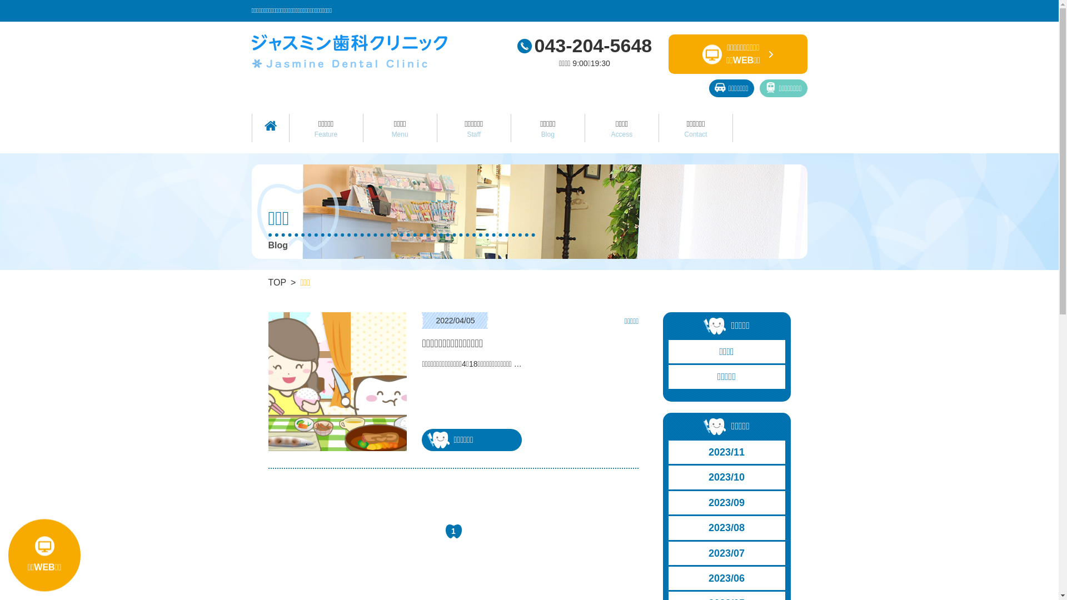 Image resolution: width=1067 pixels, height=600 pixels. Describe the element at coordinates (270, 125) in the screenshot. I see `'home'` at that location.